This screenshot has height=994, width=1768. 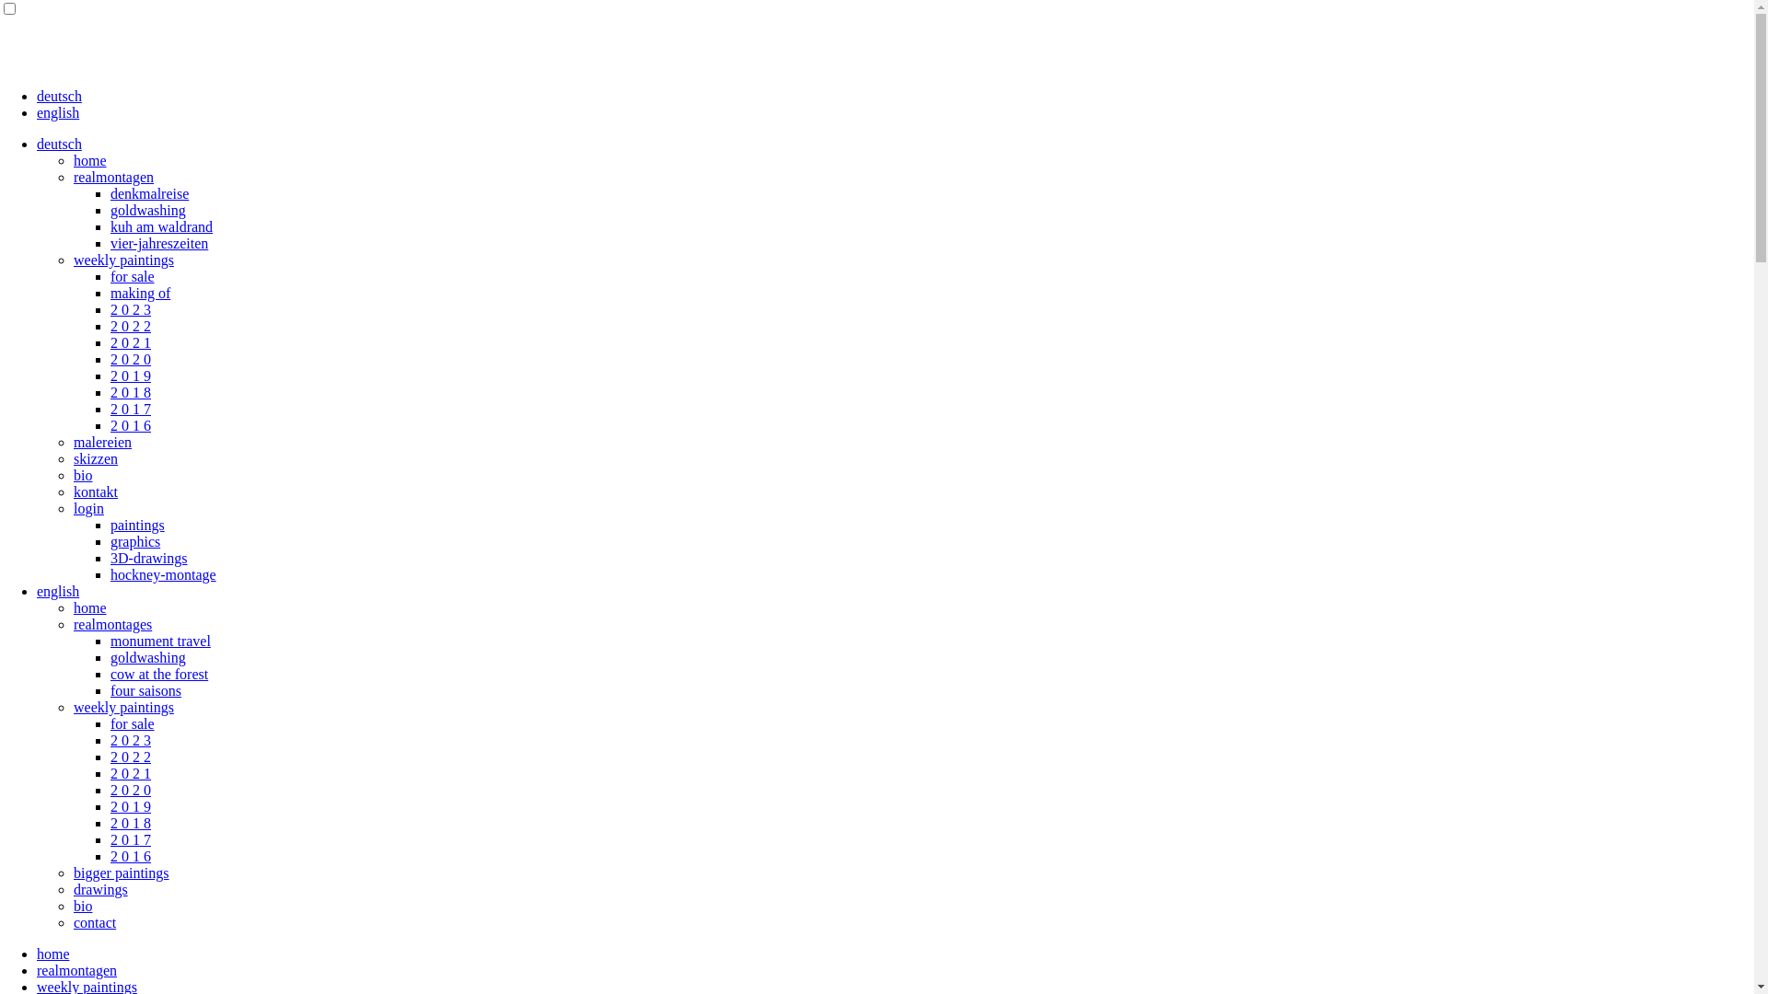 I want to click on 'drawings', so click(x=99, y=888).